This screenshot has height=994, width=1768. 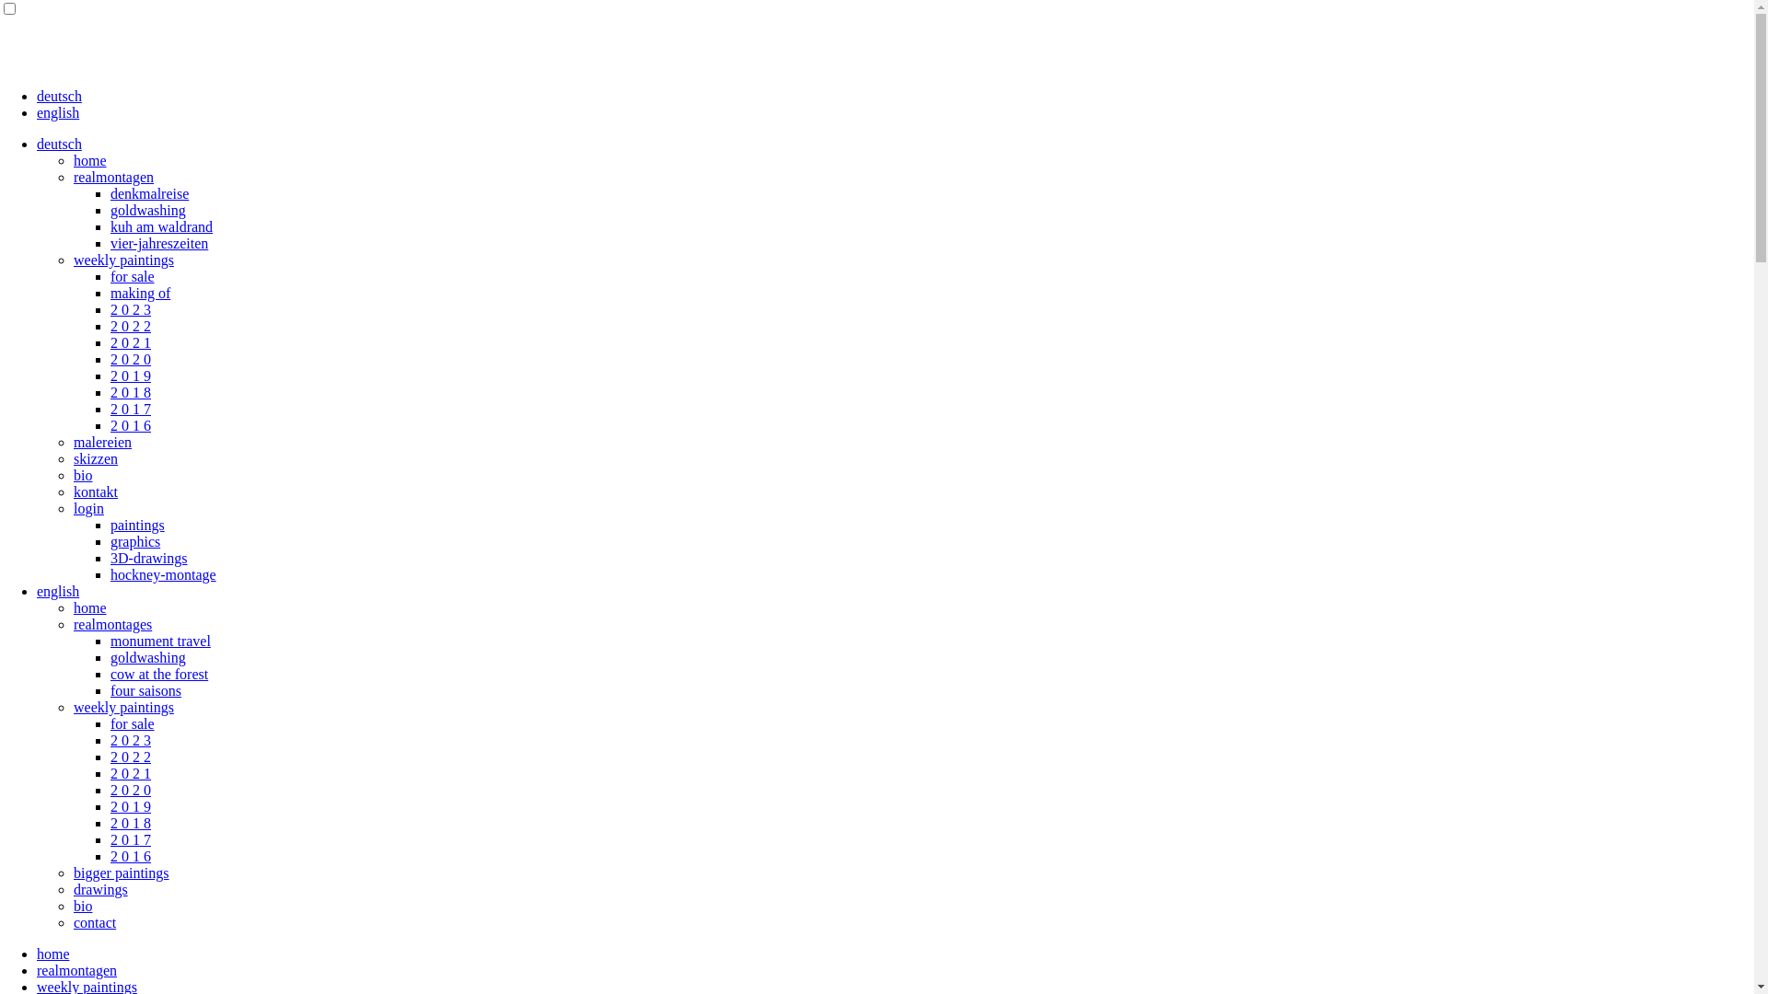 I want to click on 'drawings', so click(x=99, y=888).